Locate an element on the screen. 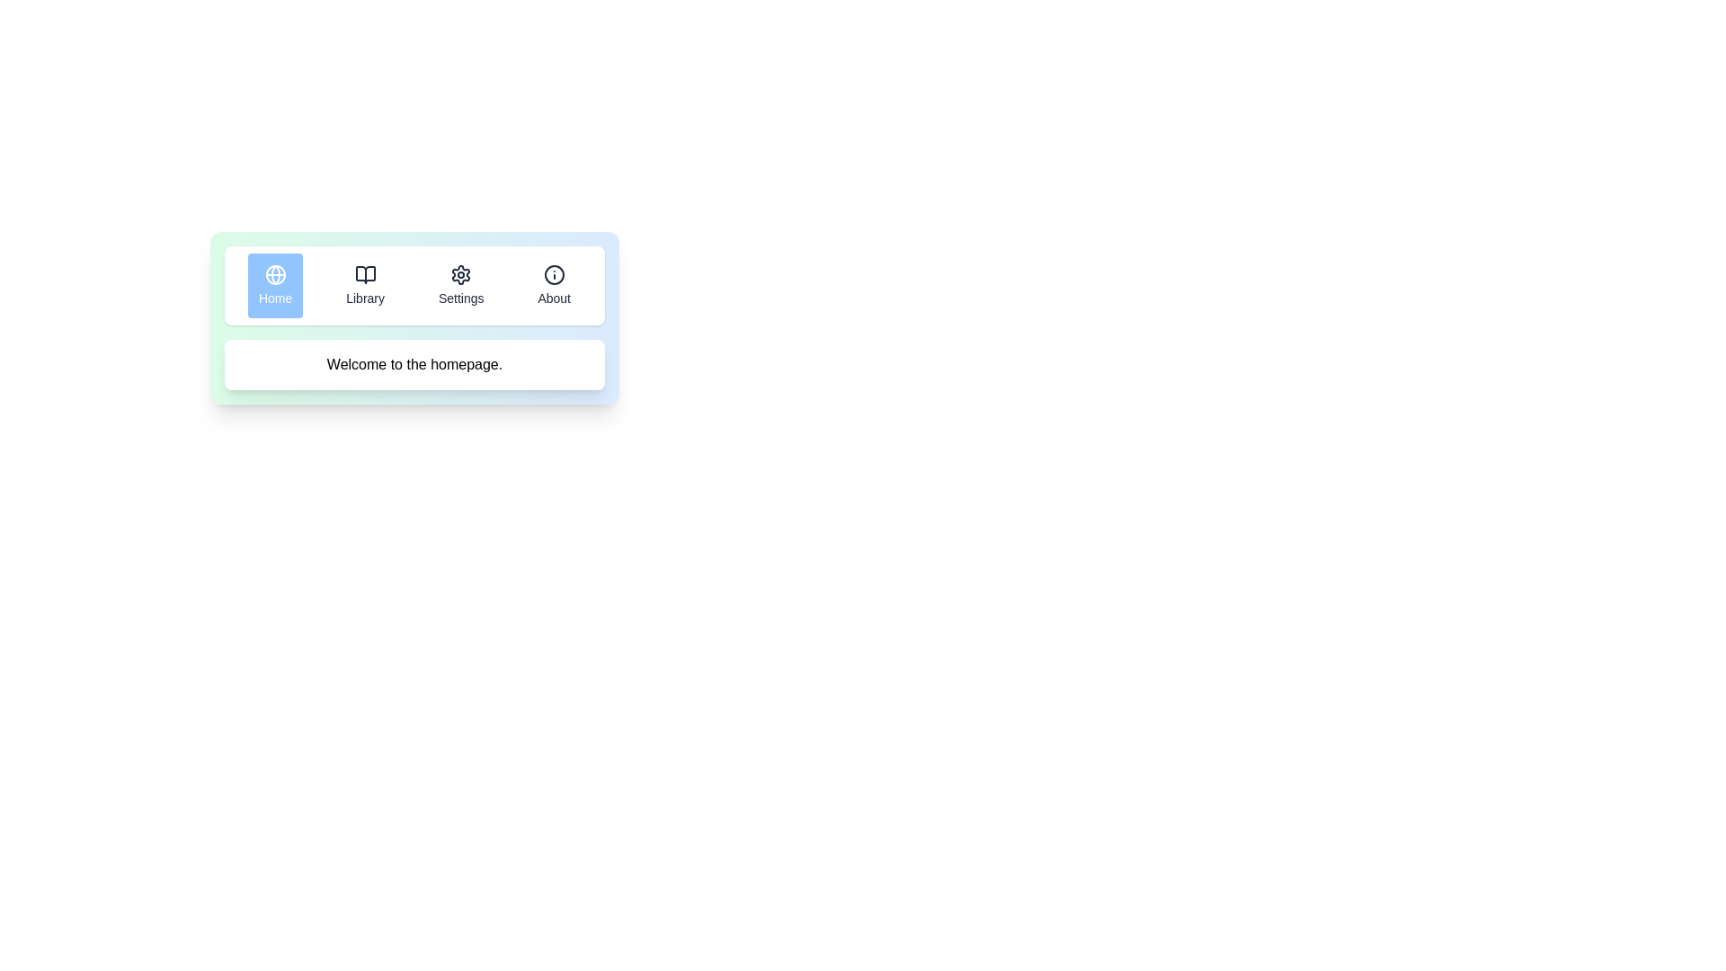 The image size is (1726, 971). the tab labeled Home is located at coordinates (274, 284).